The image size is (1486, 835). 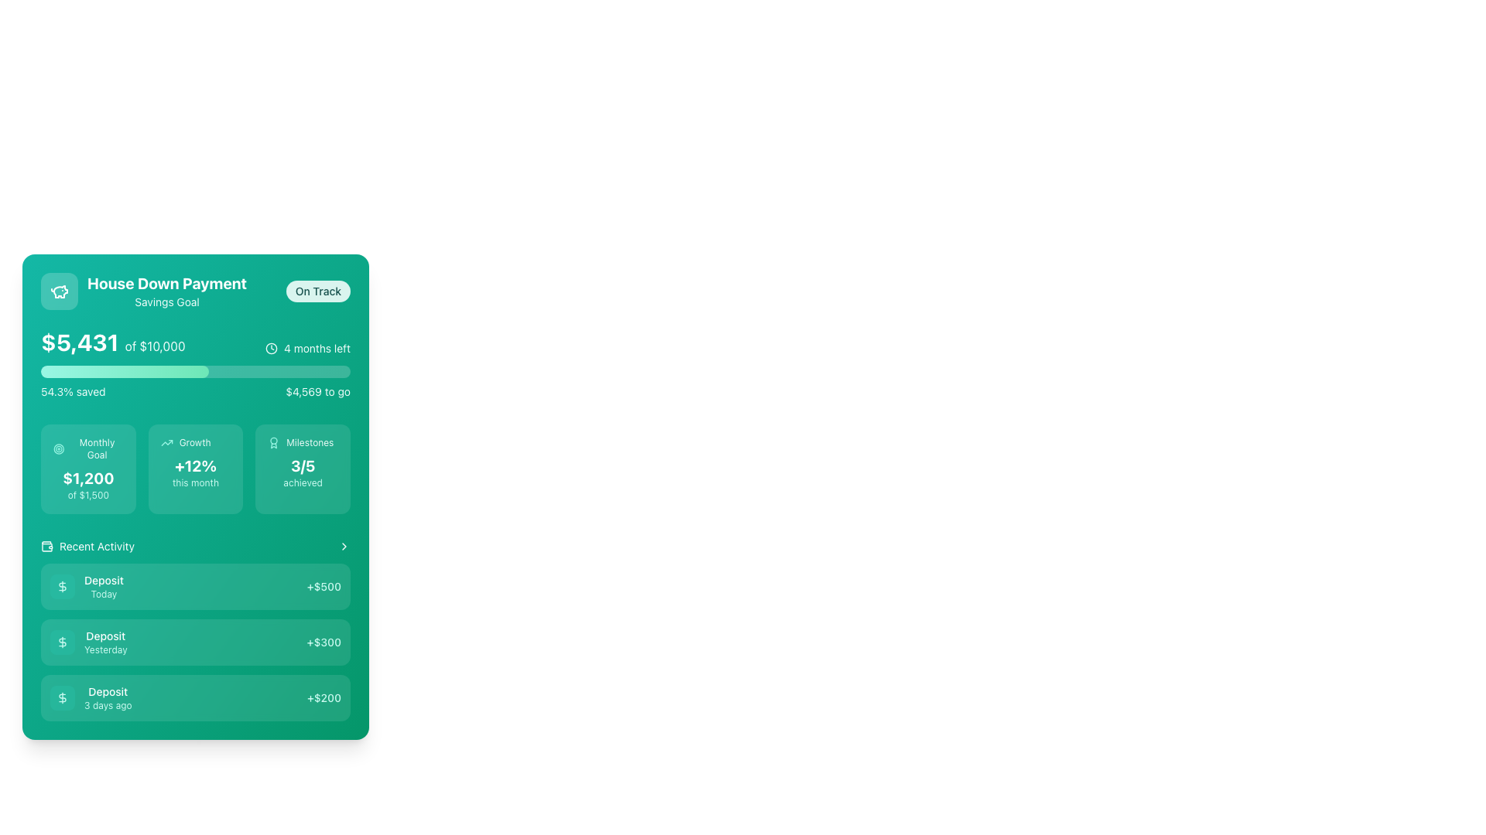 I want to click on the horizontal progress bar with a gradient fill that is located below the text '$5,431 of $10,000' and above the indicators '54.3% saved' and '$4,569 to go', so click(x=195, y=372).